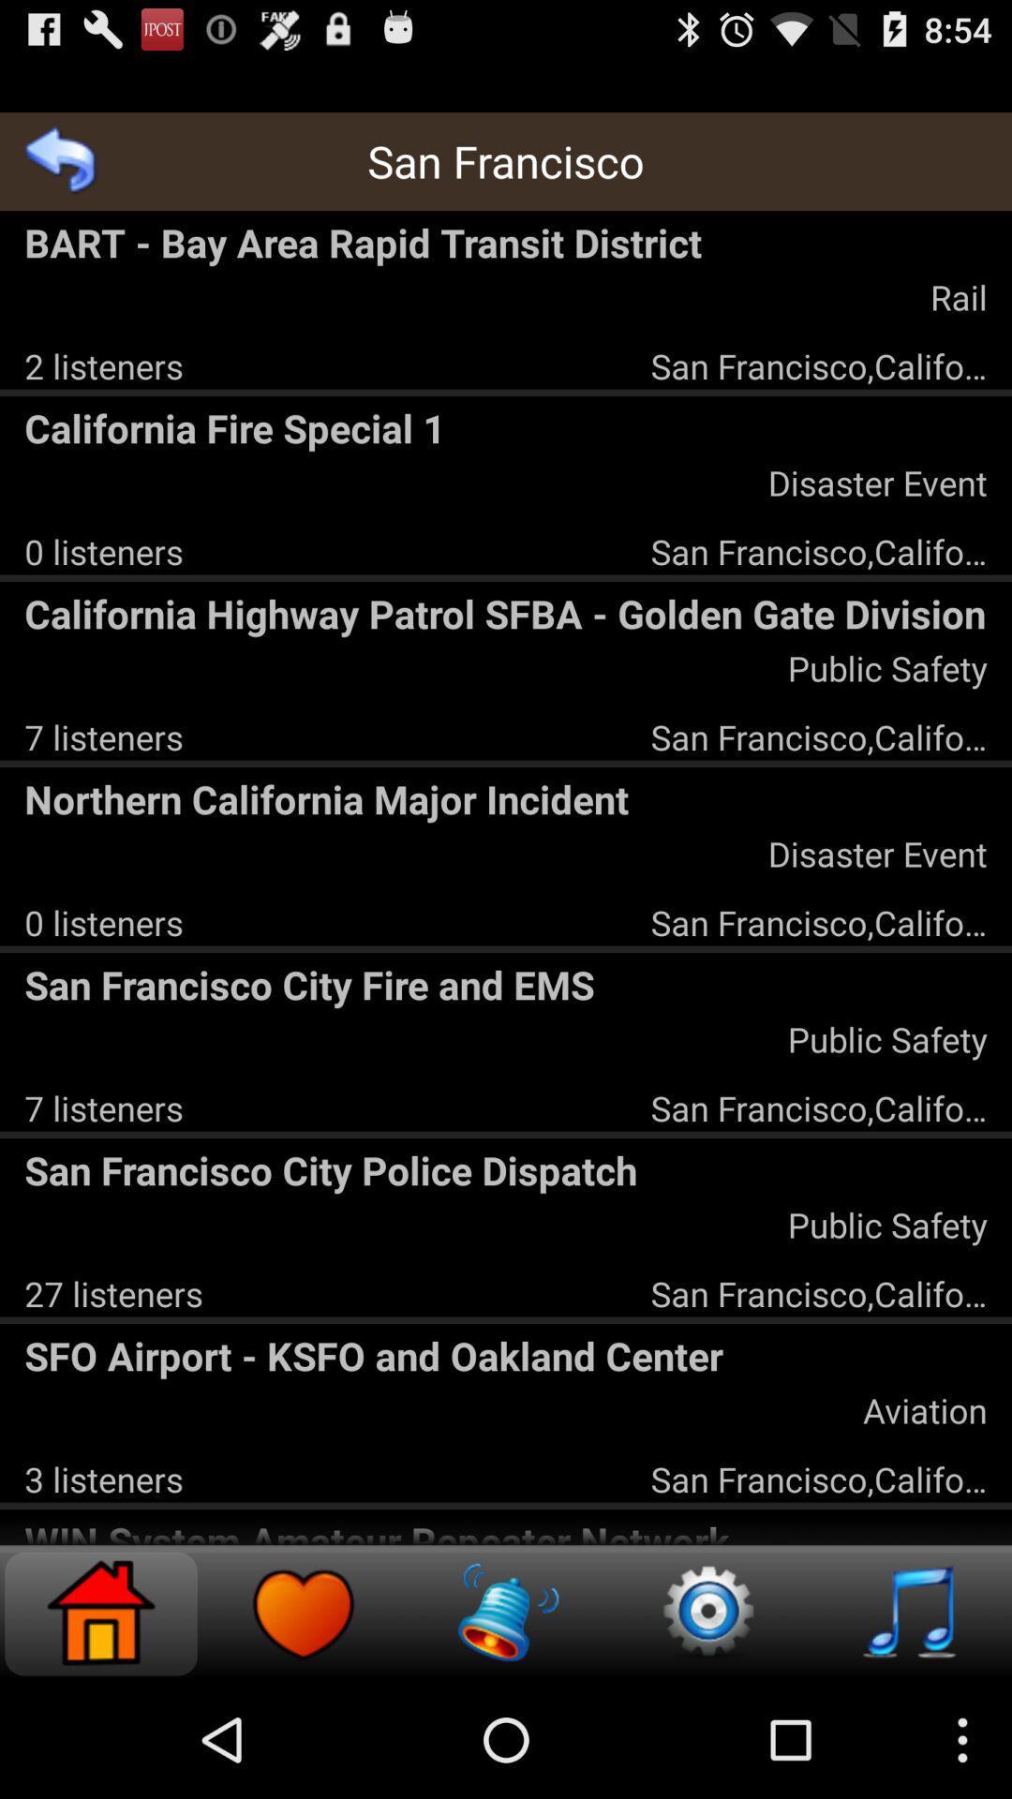  I want to click on california fire special app, so click(506, 426).